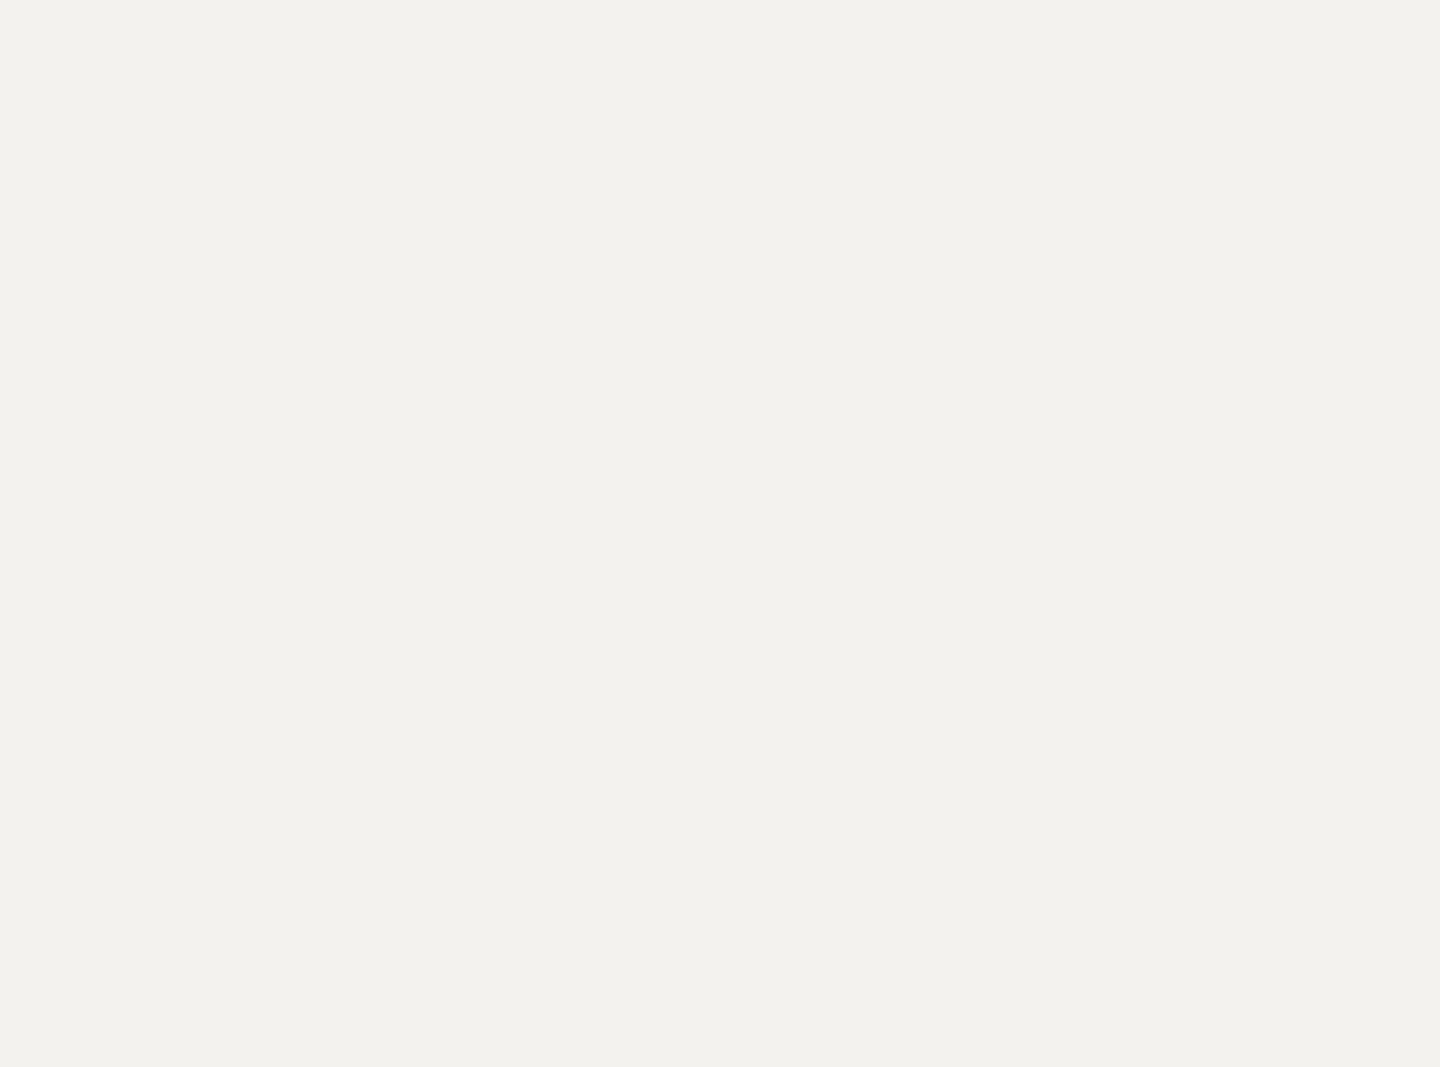  What do you see at coordinates (661, 777) in the screenshot?
I see `'Queen of Me Tour'` at bounding box center [661, 777].